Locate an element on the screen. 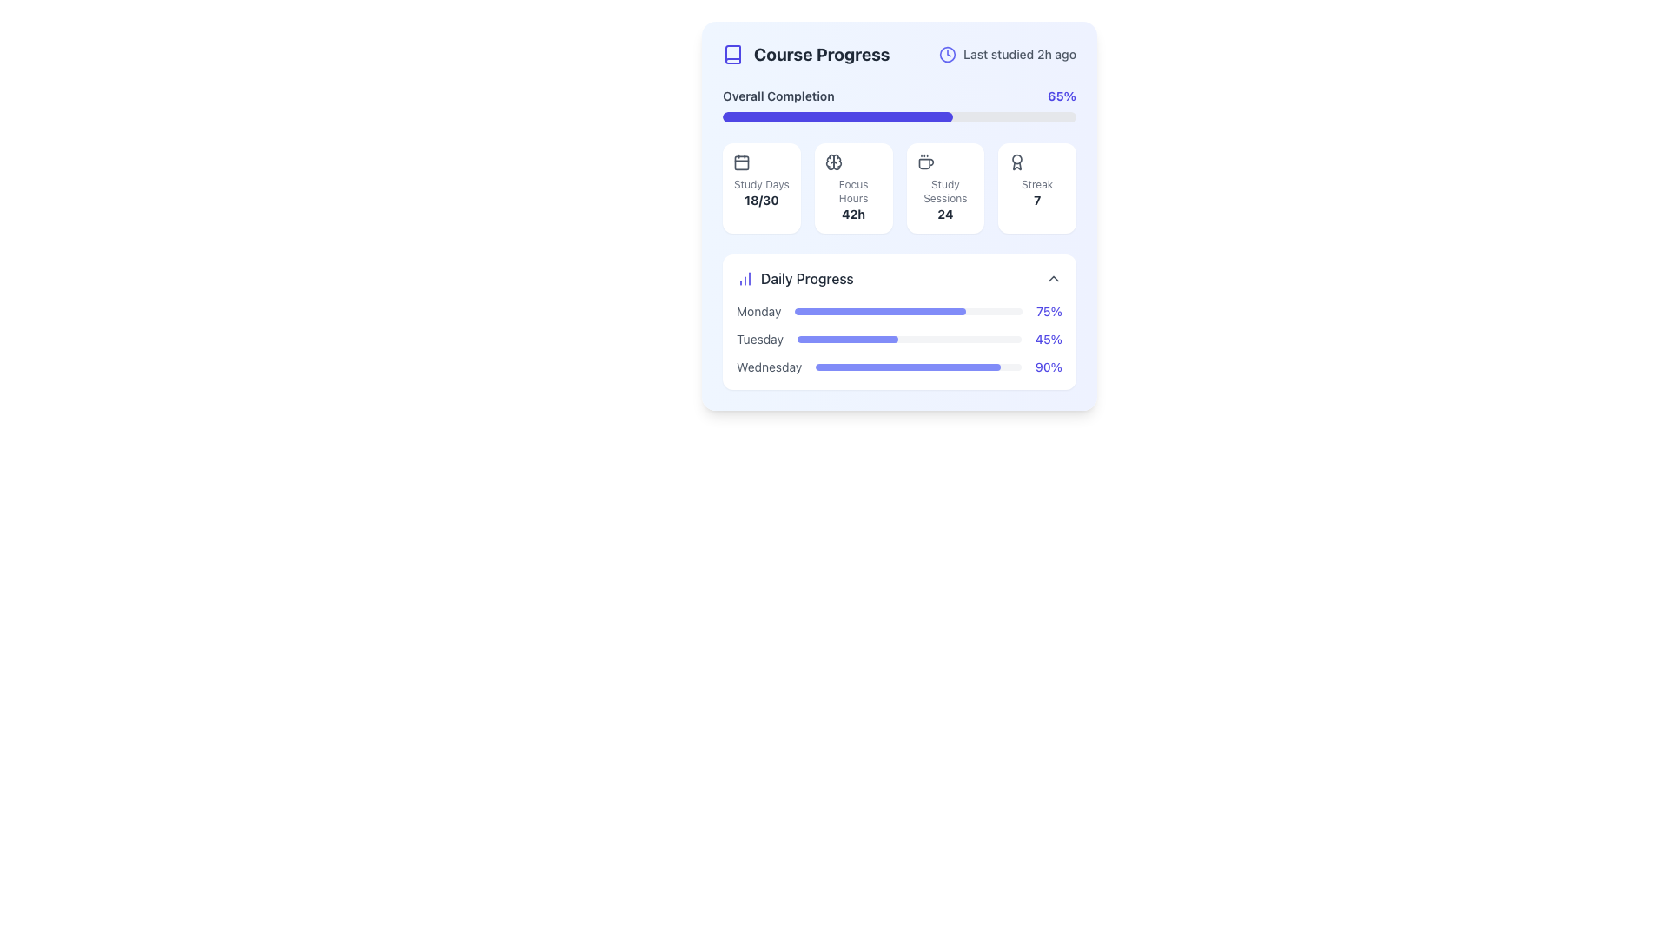 The image size is (1668, 938). the label indicating the proportion of completed study days out of the total planned days, located at the bottom of the 'Study Days' box in the 'Course Progress' section is located at coordinates (761, 200).